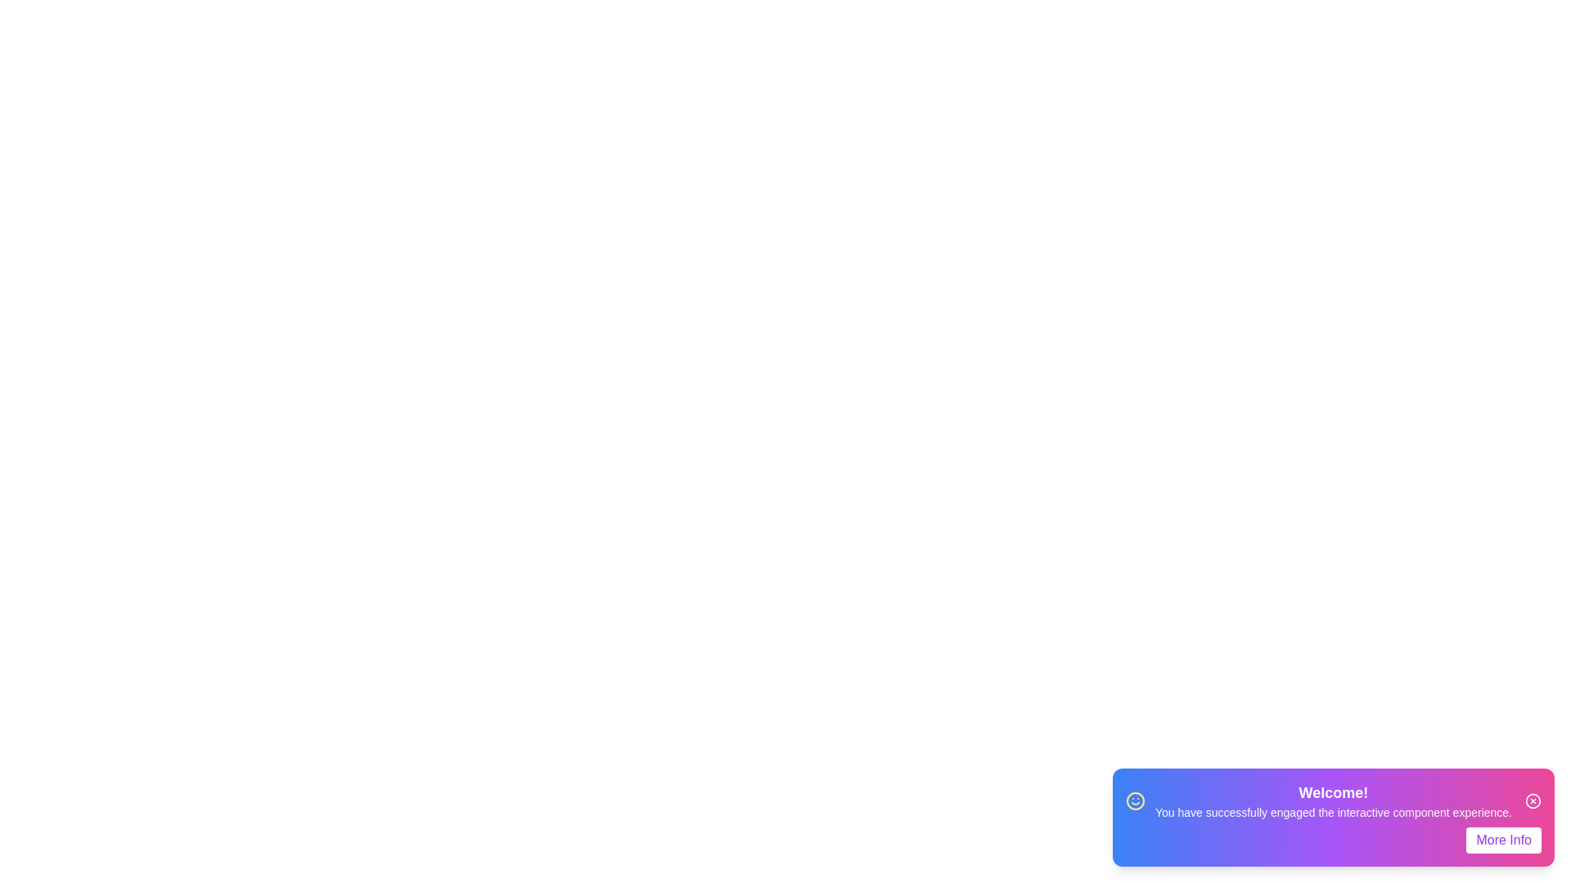 Image resolution: width=1571 pixels, height=883 pixels. I want to click on the close button of the snackbar to dismiss it, so click(1532, 800).